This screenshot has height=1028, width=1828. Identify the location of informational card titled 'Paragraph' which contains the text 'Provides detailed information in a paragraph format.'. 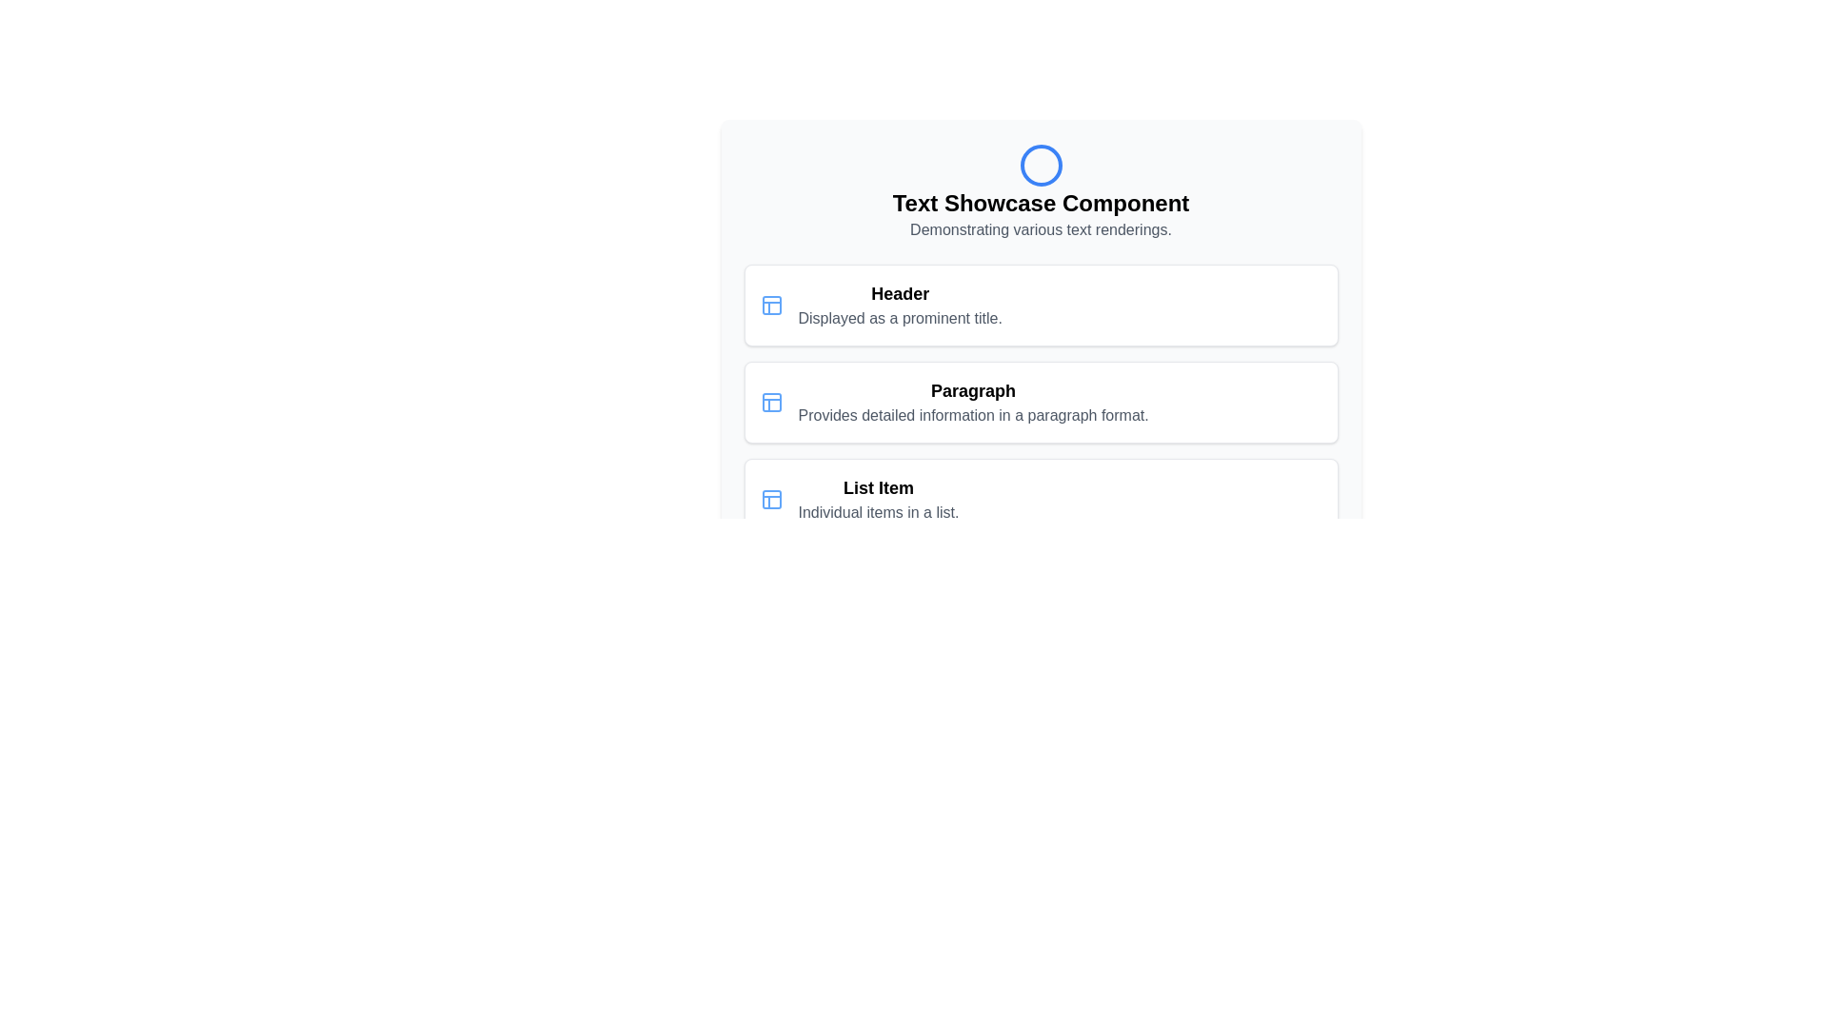
(1040, 402).